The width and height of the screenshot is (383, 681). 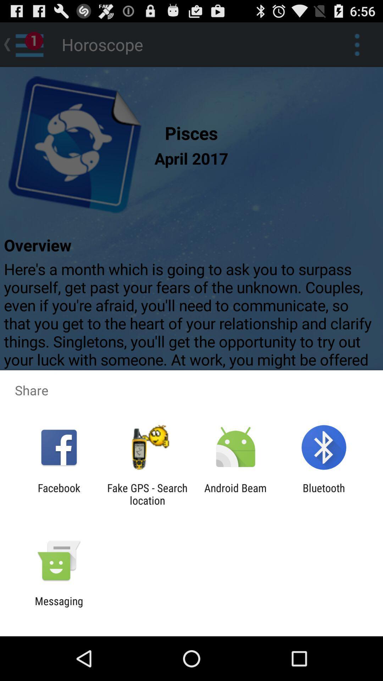 I want to click on the icon at the bottom right corner, so click(x=324, y=494).